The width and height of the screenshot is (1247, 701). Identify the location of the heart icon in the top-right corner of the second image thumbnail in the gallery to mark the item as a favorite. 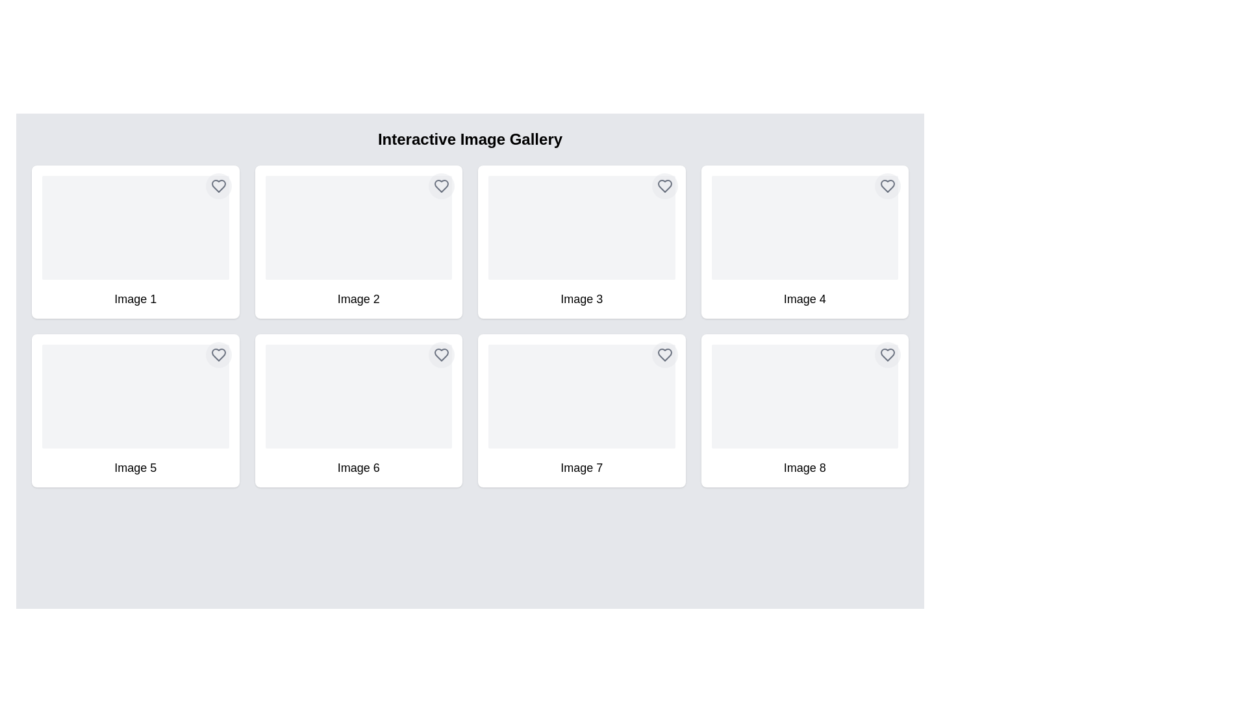
(442, 186).